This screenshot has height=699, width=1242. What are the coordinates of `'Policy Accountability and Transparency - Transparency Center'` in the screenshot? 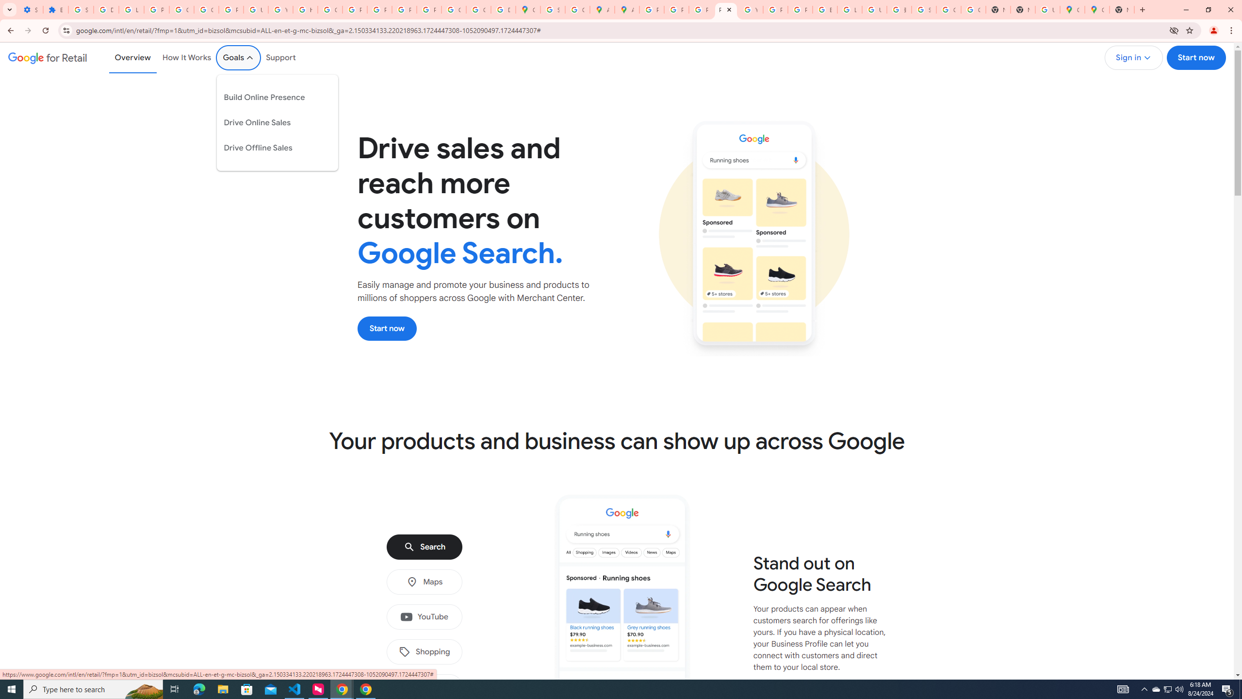 It's located at (651, 9).